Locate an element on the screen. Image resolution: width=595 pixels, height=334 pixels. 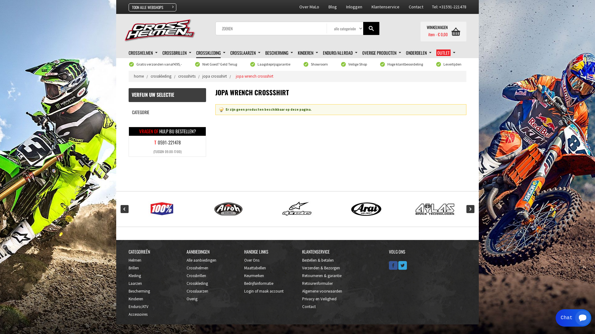
'crosskleding' is located at coordinates (161, 76).